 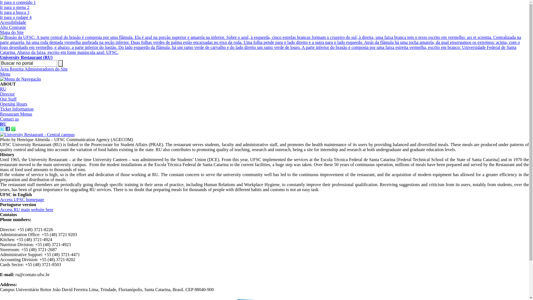 I want to click on 'Compartilhar no WhatsApp', so click(x=13, y=129).